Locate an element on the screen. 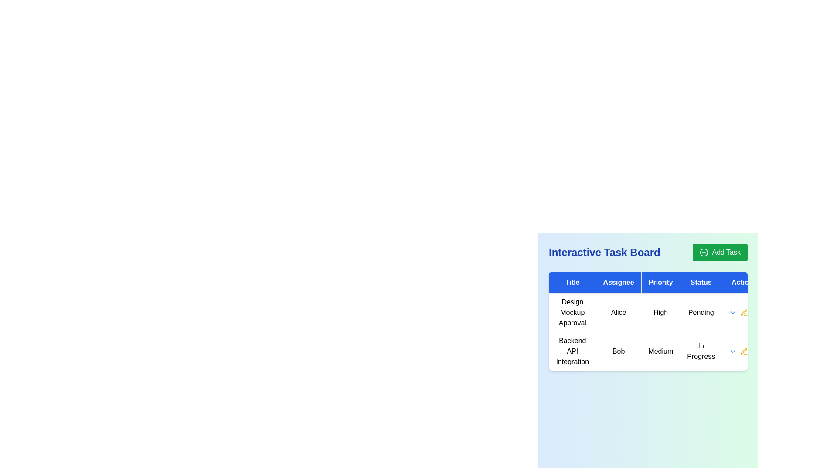 Image resolution: width=837 pixels, height=471 pixels. the 'Status' static text header element, which is the fourth column in the header row of the table layout, displaying white text on a blue background is located at coordinates (701, 283).